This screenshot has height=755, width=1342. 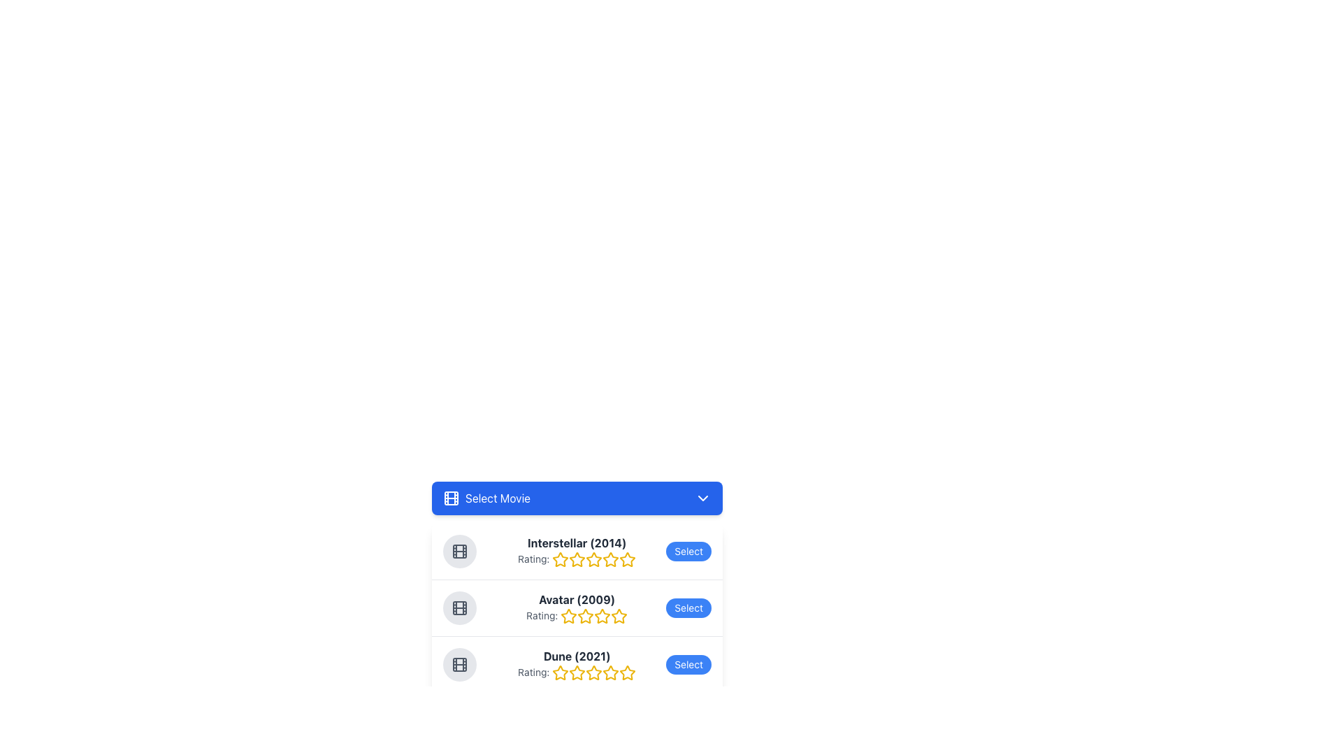 What do you see at coordinates (603, 615) in the screenshot?
I see `the second star-shaped Rating Star Icon filled with bright yellow color located in the ratings section below the movie title 'Avatar (2009)'` at bounding box center [603, 615].